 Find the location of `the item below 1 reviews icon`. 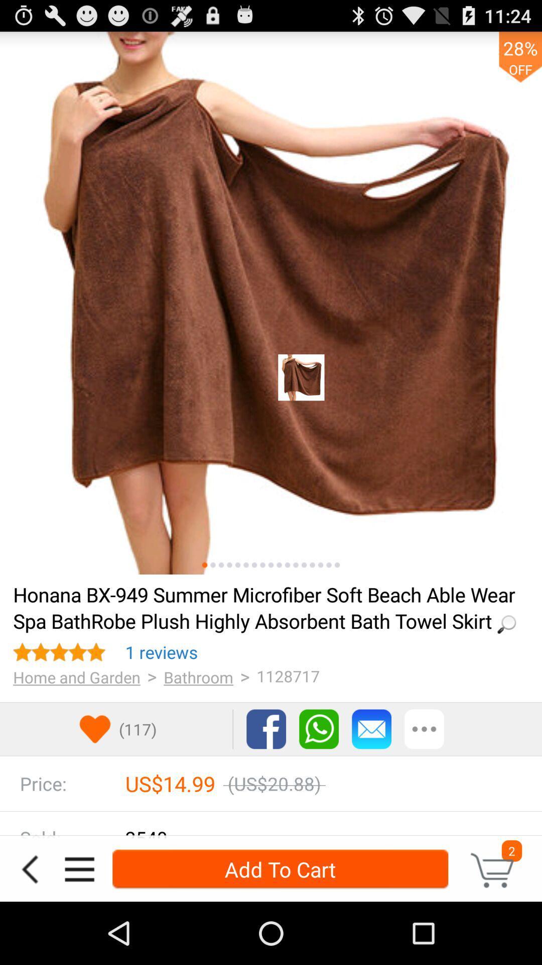

the item below 1 reviews icon is located at coordinates (76, 677).